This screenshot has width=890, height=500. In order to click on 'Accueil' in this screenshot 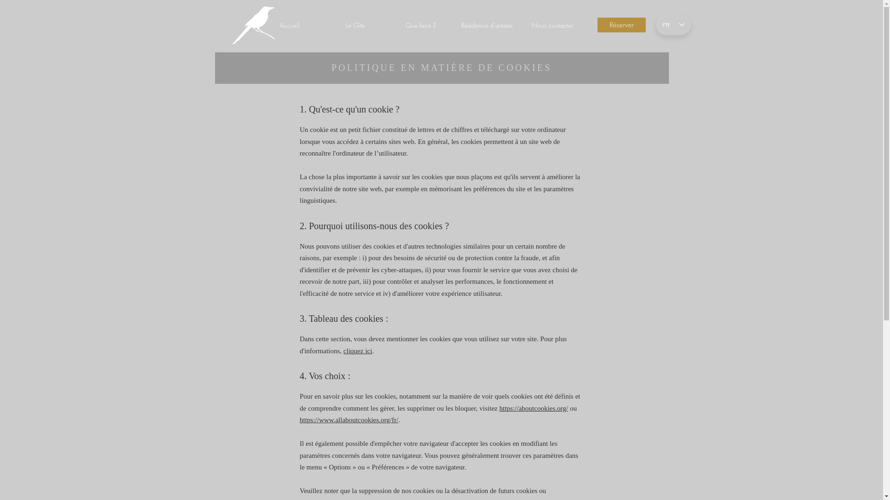, I will do `click(288, 25)`.